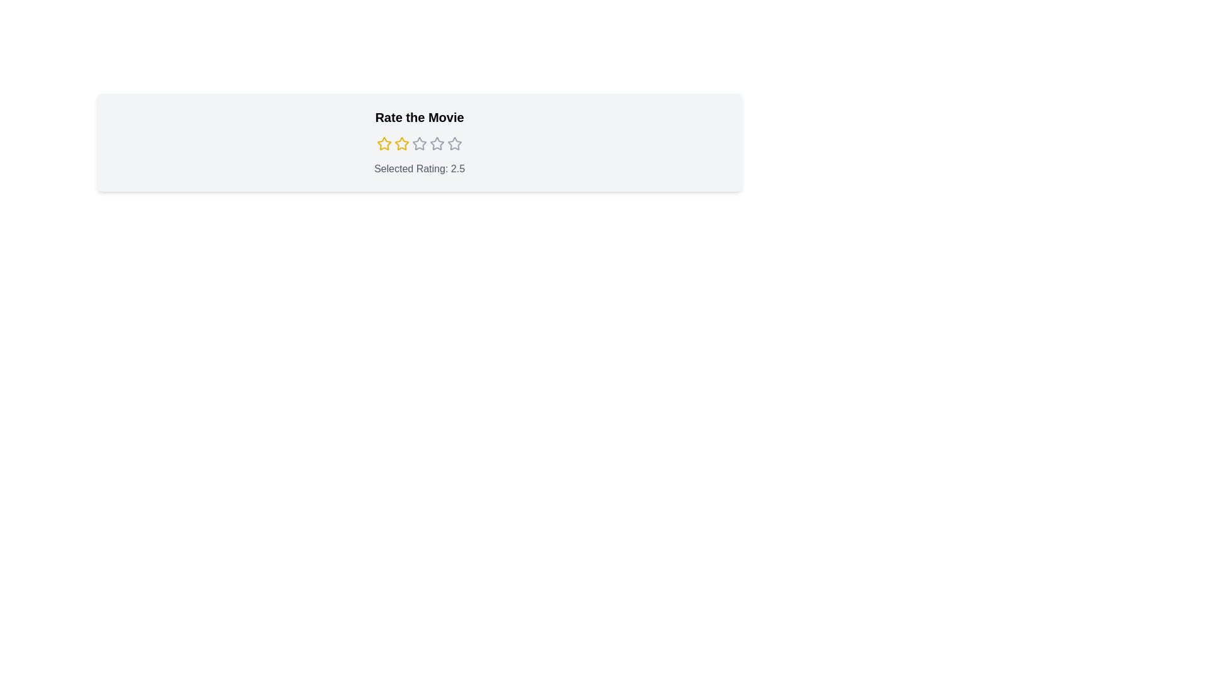 The image size is (1208, 679). What do you see at coordinates (401, 143) in the screenshot?
I see `the second rating star located beneath the 'Rate the Movie' title` at bounding box center [401, 143].